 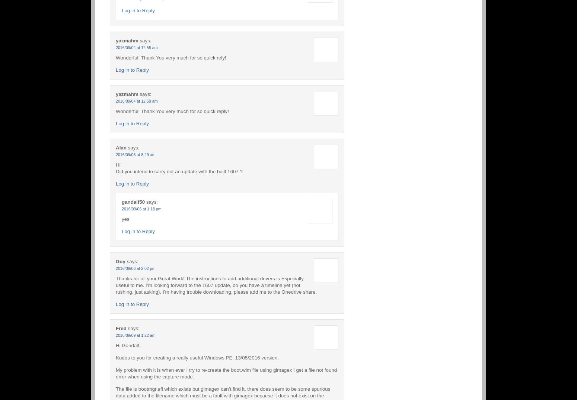 What do you see at coordinates (125, 219) in the screenshot?
I see `'yes'` at bounding box center [125, 219].